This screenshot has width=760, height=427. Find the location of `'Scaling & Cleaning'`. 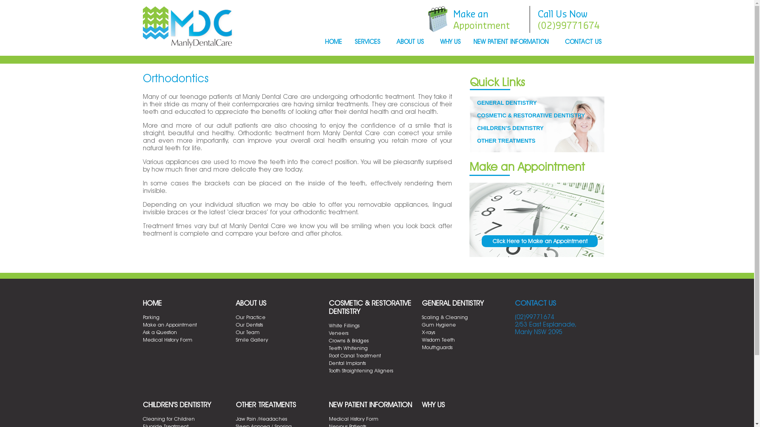

'Scaling & Cleaning' is located at coordinates (445, 317).